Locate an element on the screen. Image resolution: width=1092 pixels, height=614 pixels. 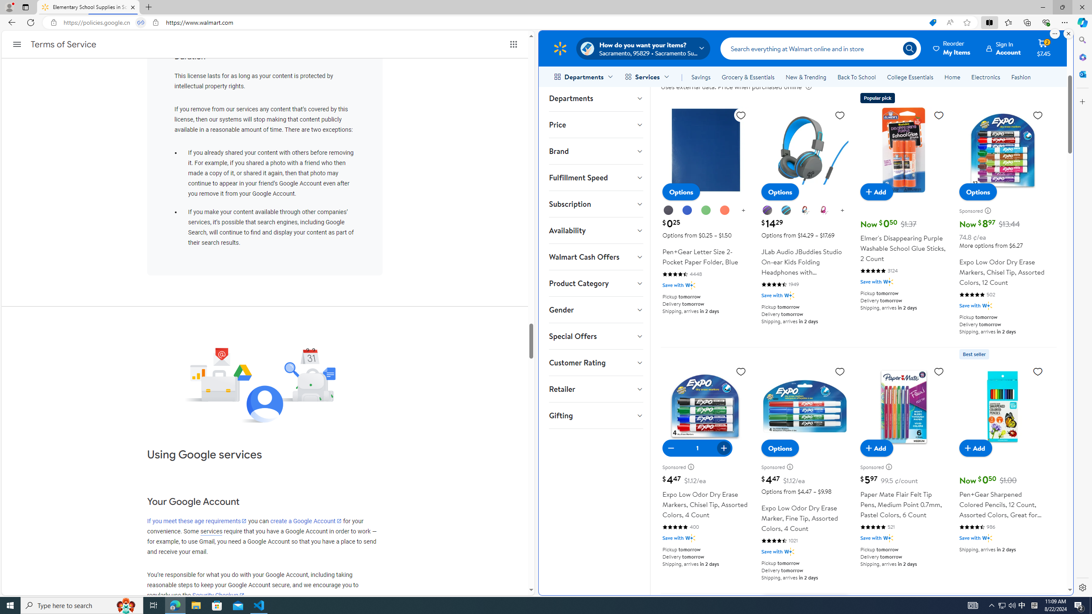
'Collections' is located at coordinates (1026, 22).